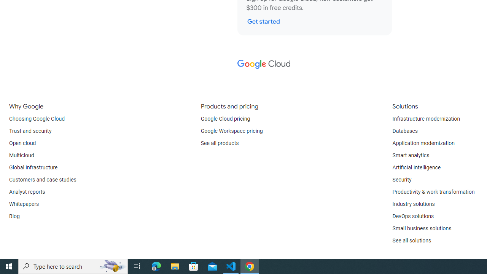  What do you see at coordinates (225, 119) in the screenshot?
I see `'Google Cloud pricing'` at bounding box center [225, 119].